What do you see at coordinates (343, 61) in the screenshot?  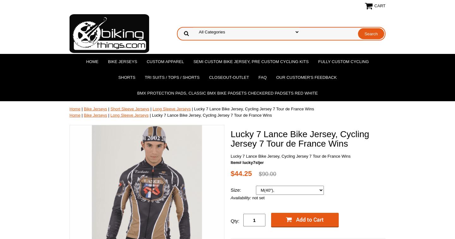 I see `'Fully Custom Cycling'` at bounding box center [343, 61].